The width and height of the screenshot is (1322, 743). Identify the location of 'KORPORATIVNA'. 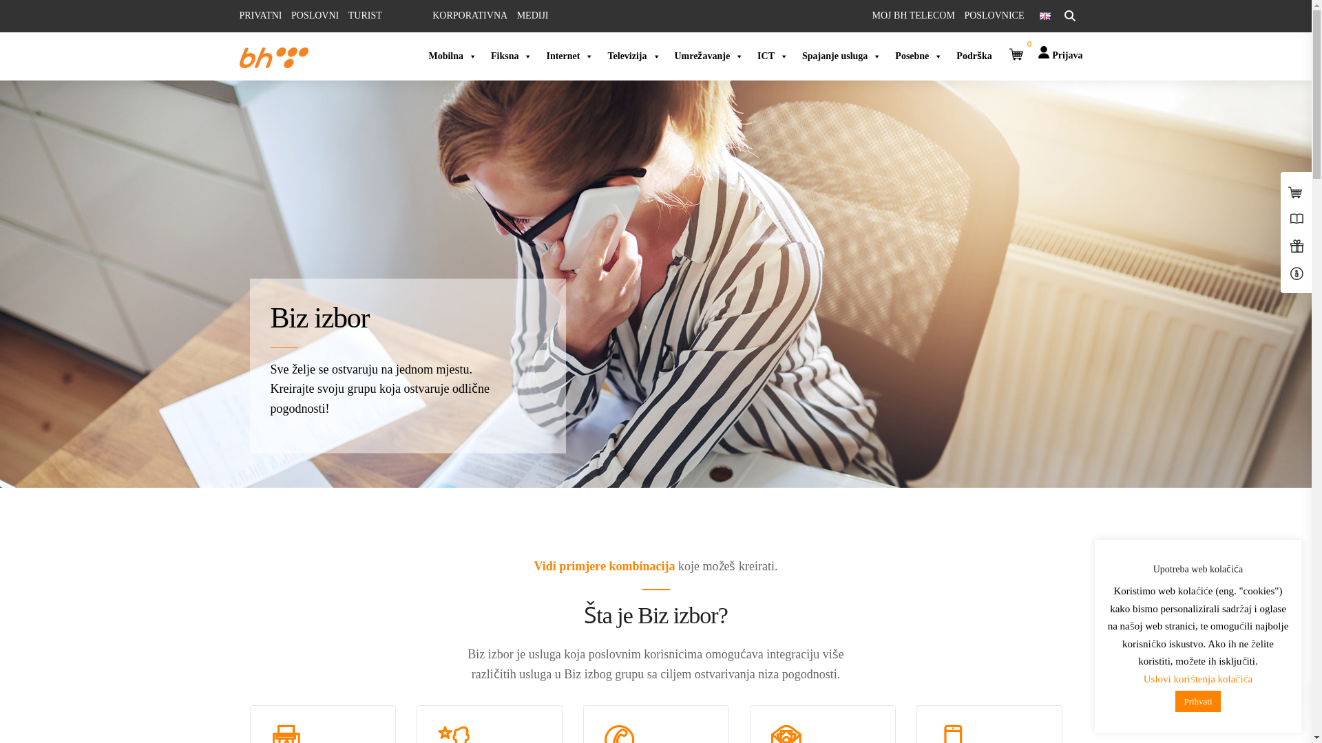
(470, 15).